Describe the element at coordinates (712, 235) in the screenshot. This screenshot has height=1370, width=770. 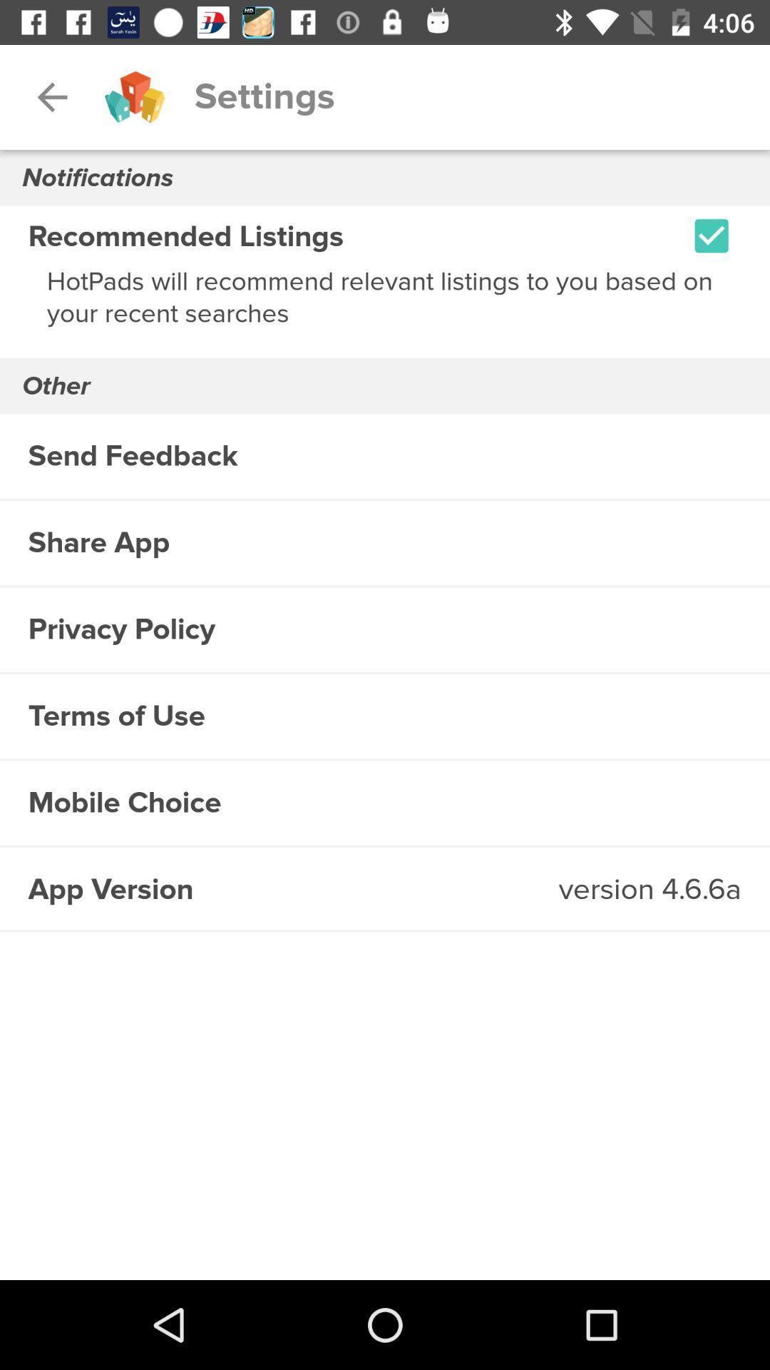
I see `the icon above the hotpads will recommend` at that location.